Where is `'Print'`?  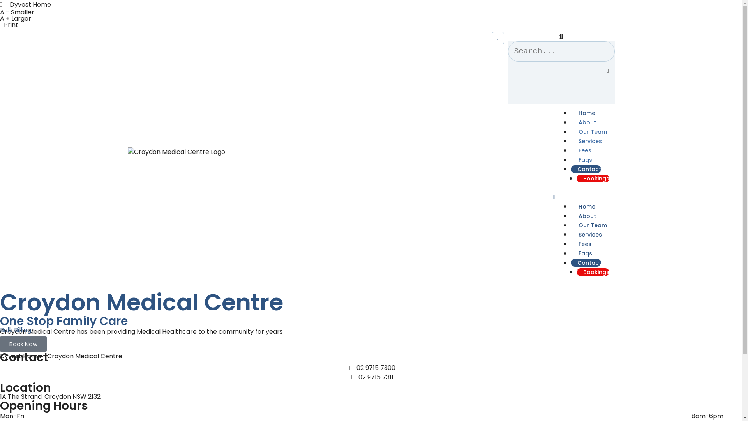
'Print' is located at coordinates (0, 24).